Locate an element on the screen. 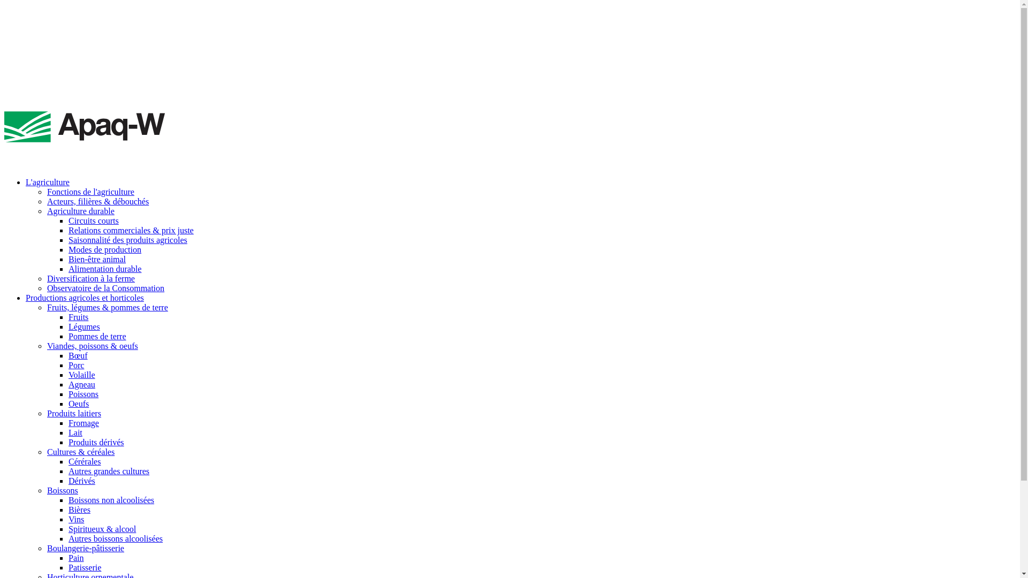 Image resolution: width=1028 pixels, height=578 pixels. 'Boissons' is located at coordinates (62, 490).